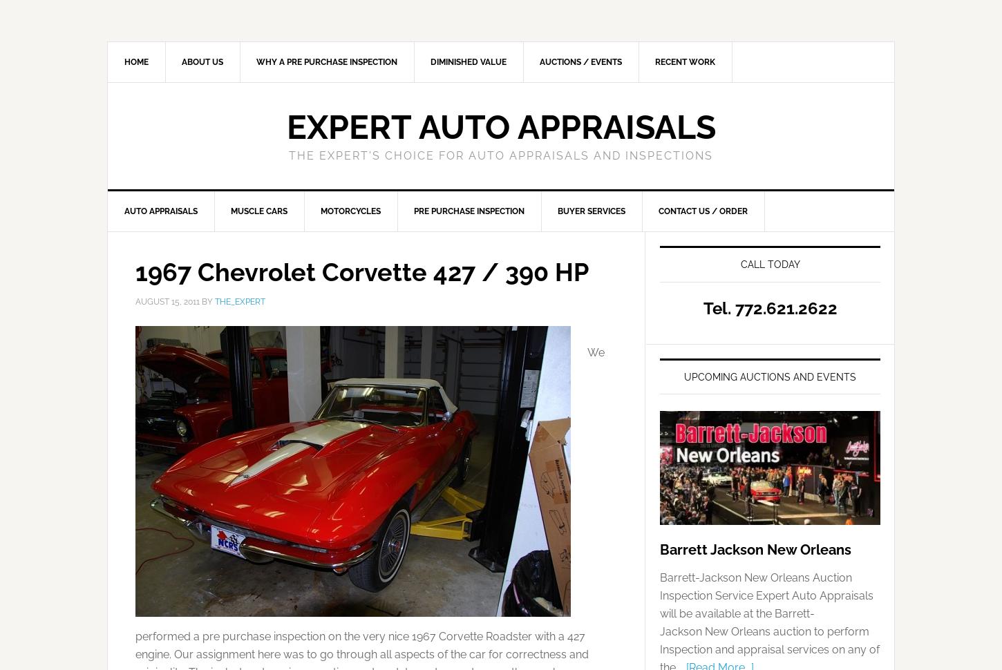  I want to click on 'Auto Appraisals', so click(123, 211).